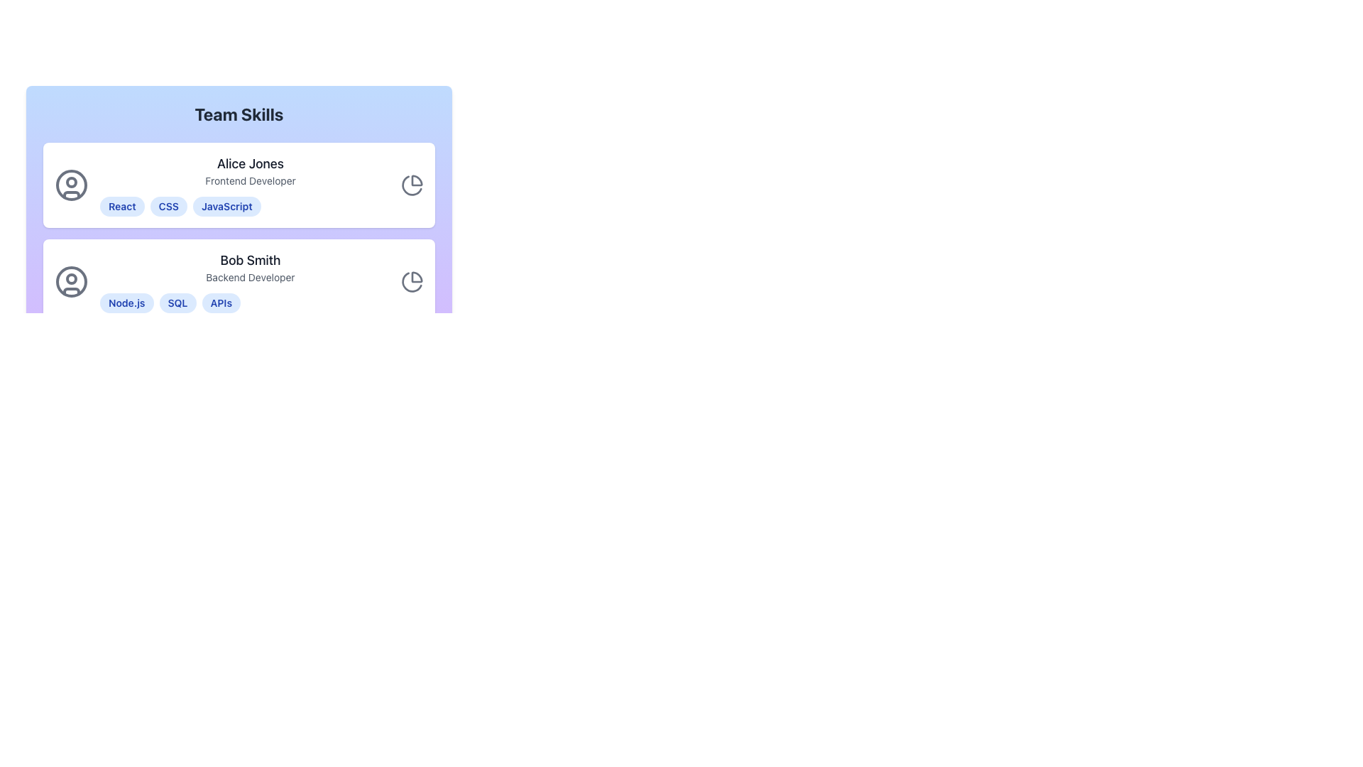  What do you see at coordinates (226, 206) in the screenshot?
I see `the 'JavaScript' badge, which has a blue background and bold blue text, to interact with it if functionality is implemented` at bounding box center [226, 206].